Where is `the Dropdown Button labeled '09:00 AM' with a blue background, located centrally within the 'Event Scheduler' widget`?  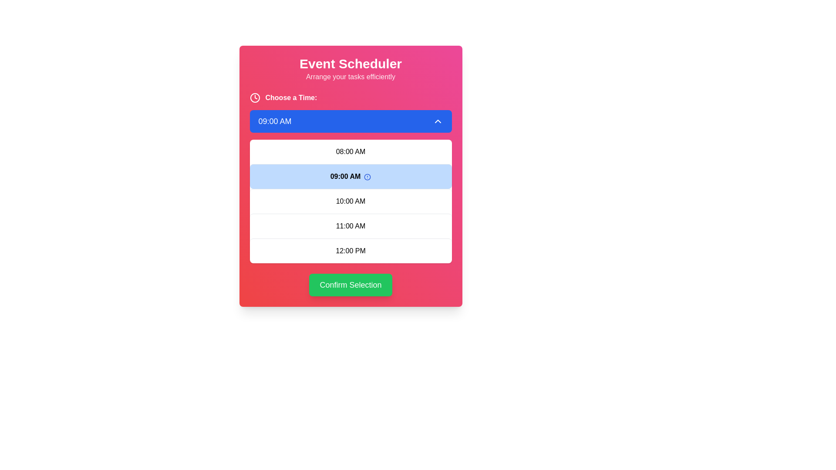 the Dropdown Button labeled '09:00 AM' with a blue background, located centrally within the 'Event Scheduler' widget is located at coordinates (351, 121).